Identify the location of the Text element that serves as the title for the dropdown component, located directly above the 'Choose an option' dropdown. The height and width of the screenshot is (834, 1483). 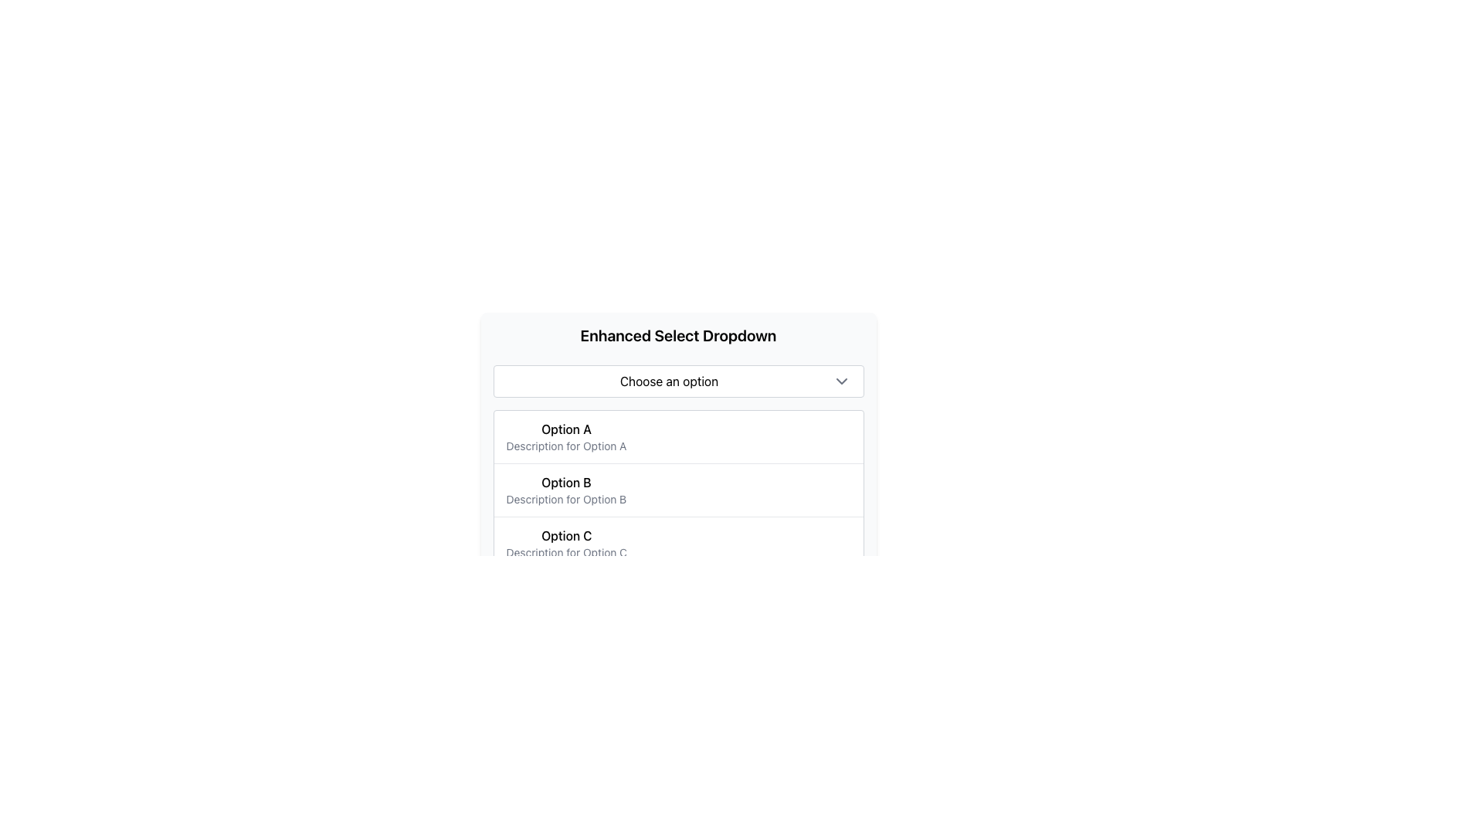
(678, 335).